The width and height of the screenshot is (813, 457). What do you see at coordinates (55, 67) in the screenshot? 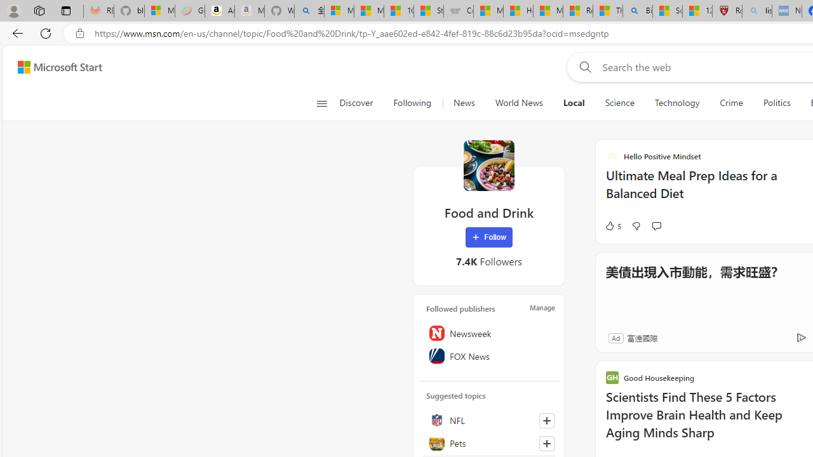
I see `'Skip to content'` at bounding box center [55, 67].